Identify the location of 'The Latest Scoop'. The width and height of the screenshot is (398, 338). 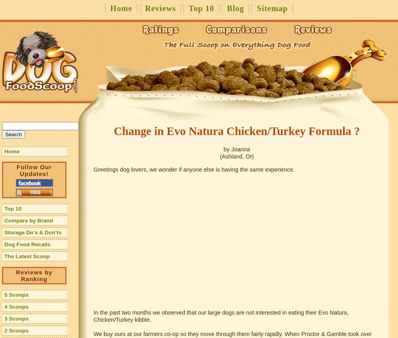
(4, 256).